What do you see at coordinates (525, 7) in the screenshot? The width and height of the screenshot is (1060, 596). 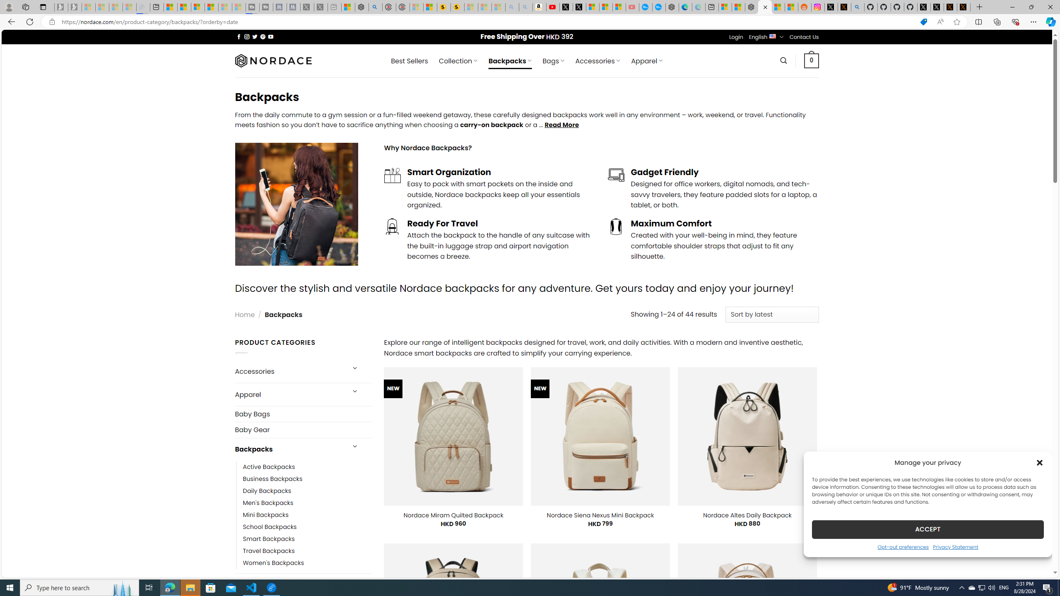 I see `'Amazon Echo Dot PNG - Search Images - Sleeping'` at bounding box center [525, 7].